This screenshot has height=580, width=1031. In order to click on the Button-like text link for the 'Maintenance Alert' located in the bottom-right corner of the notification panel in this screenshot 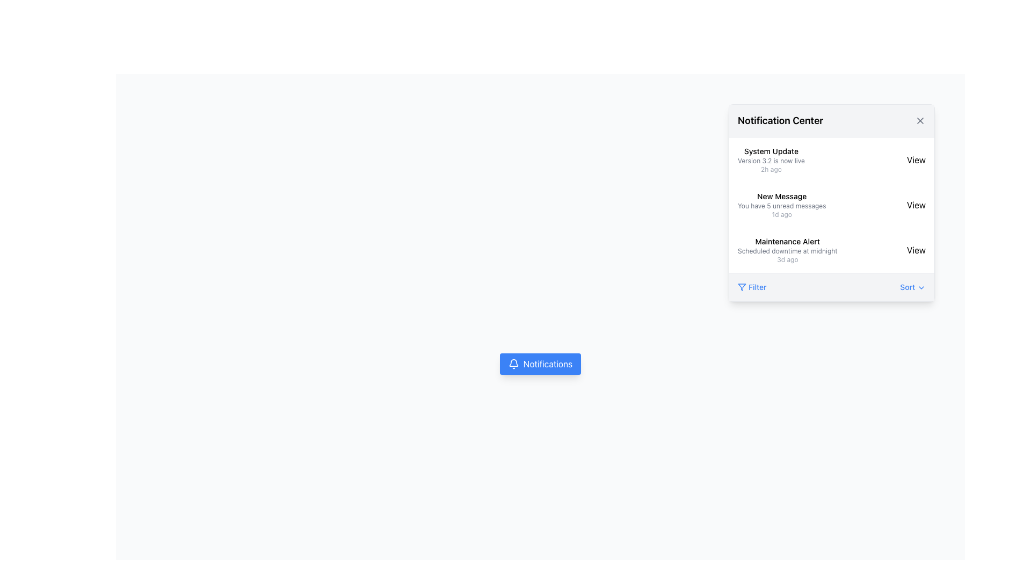, I will do `click(916, 250)`.